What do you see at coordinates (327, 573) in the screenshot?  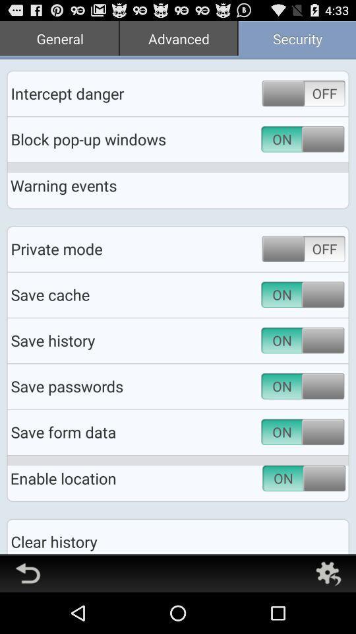 I see `go back` at bounding box center [327, 573].